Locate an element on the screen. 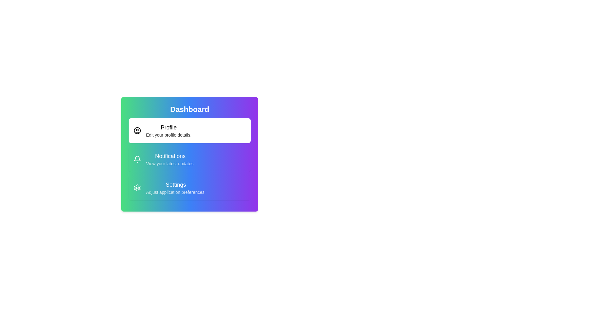  the menu option Profile is located at coordinates (189, 130).